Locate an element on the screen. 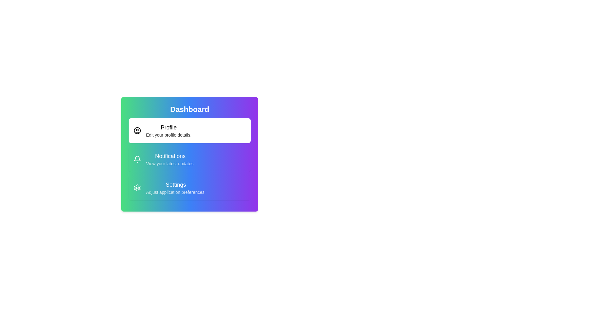  the menu option Profile is located at coordinates (189, 130).